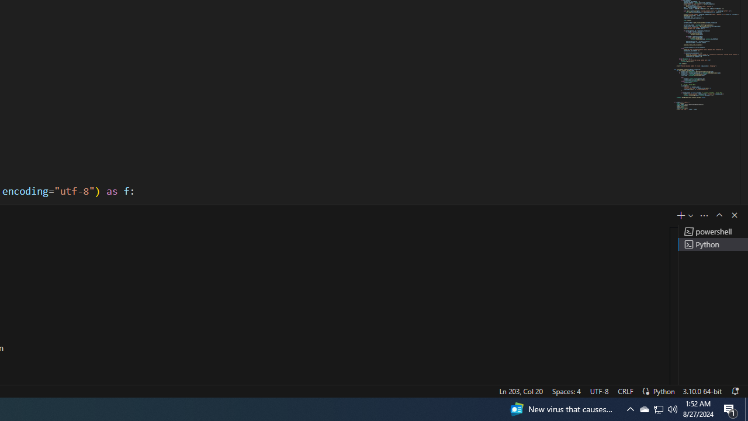 The width and height of the screenshot is (748, 421). I want to click on 'Ln 203, Col 20', so click(520, 391).